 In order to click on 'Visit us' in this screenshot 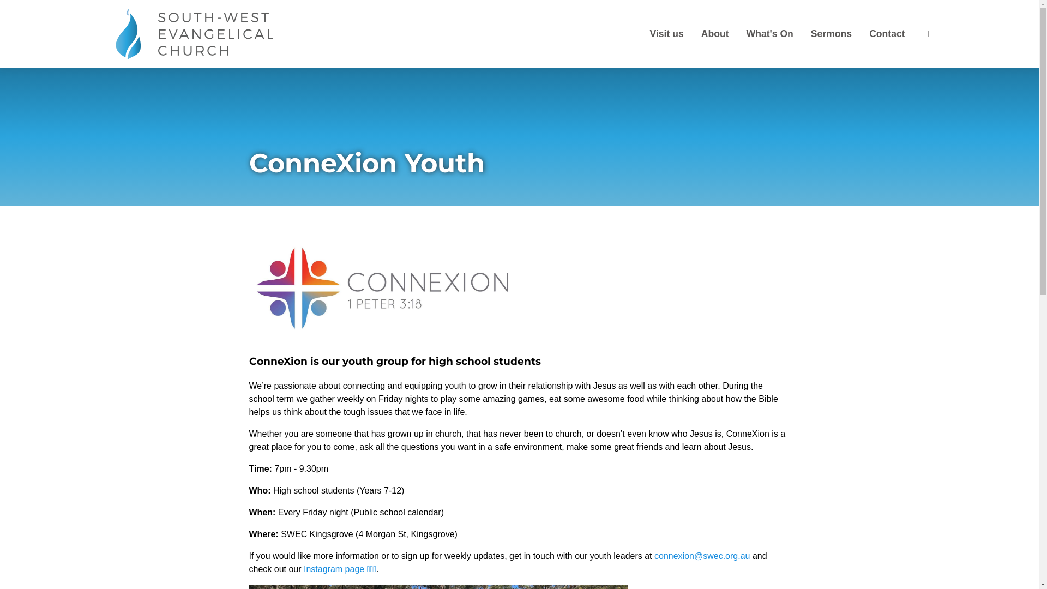, I will do `click(666, 33)`.